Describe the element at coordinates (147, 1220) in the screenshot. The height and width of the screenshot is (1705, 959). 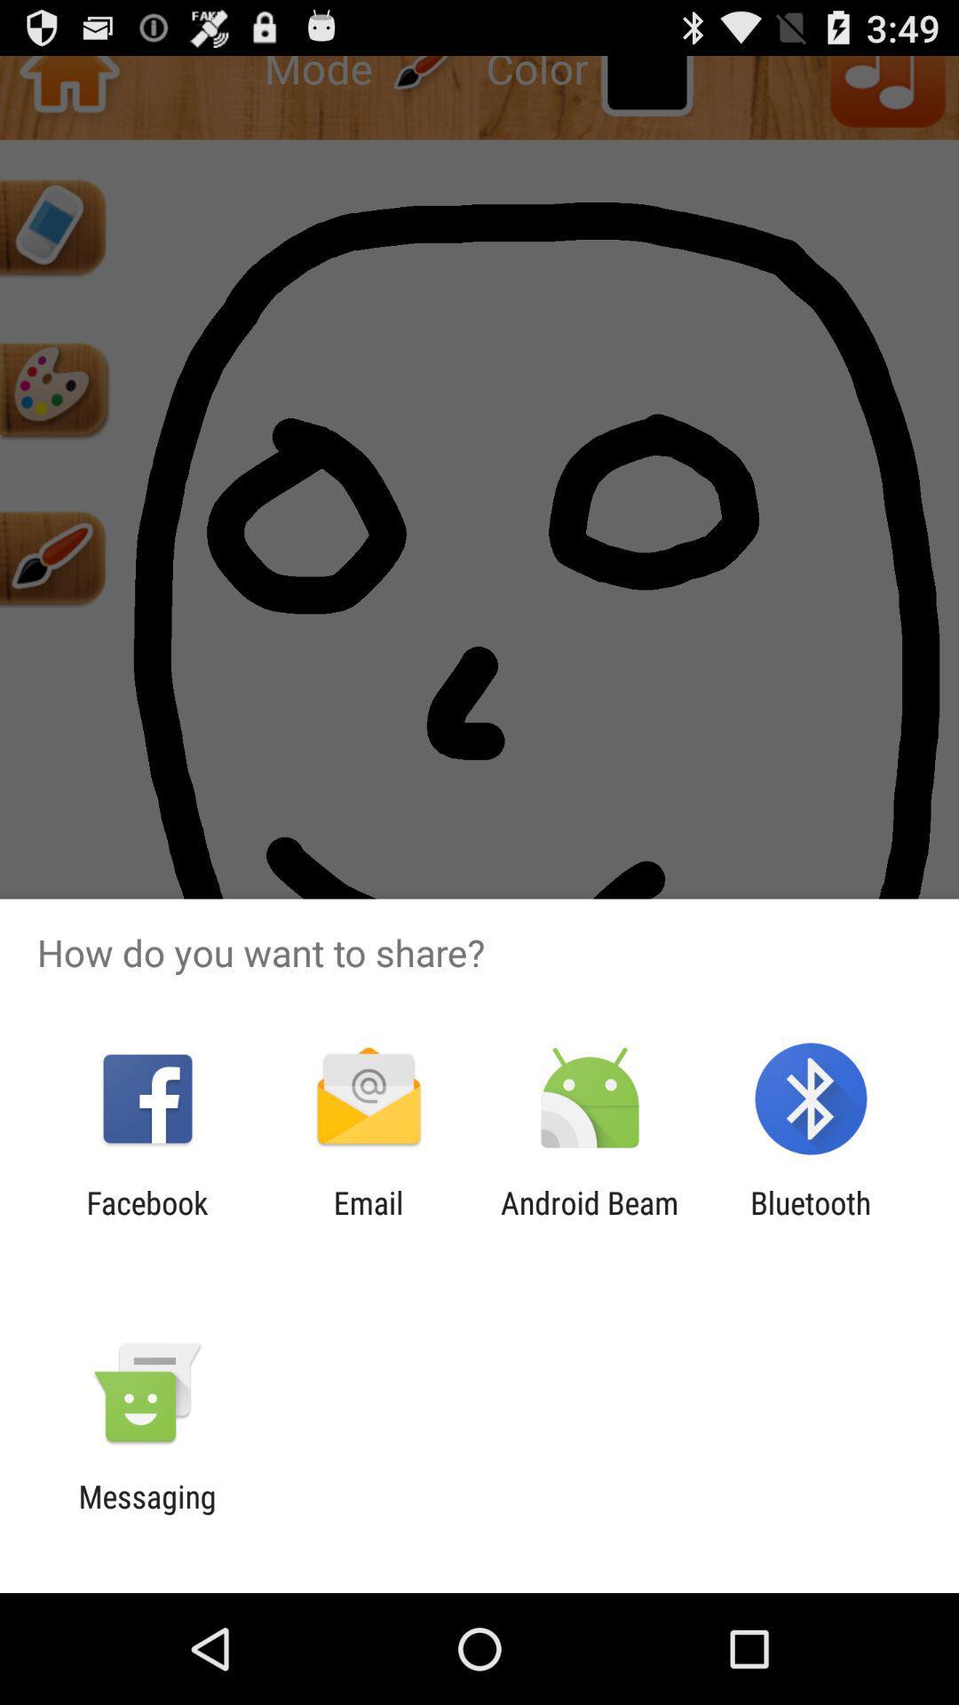
I see `icon next to the email` at that location.